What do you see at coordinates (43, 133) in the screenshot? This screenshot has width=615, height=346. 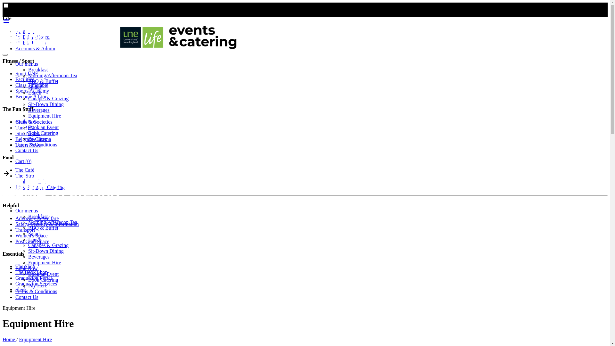 I see `'Book Catering'` at bounding box center [43, 133].